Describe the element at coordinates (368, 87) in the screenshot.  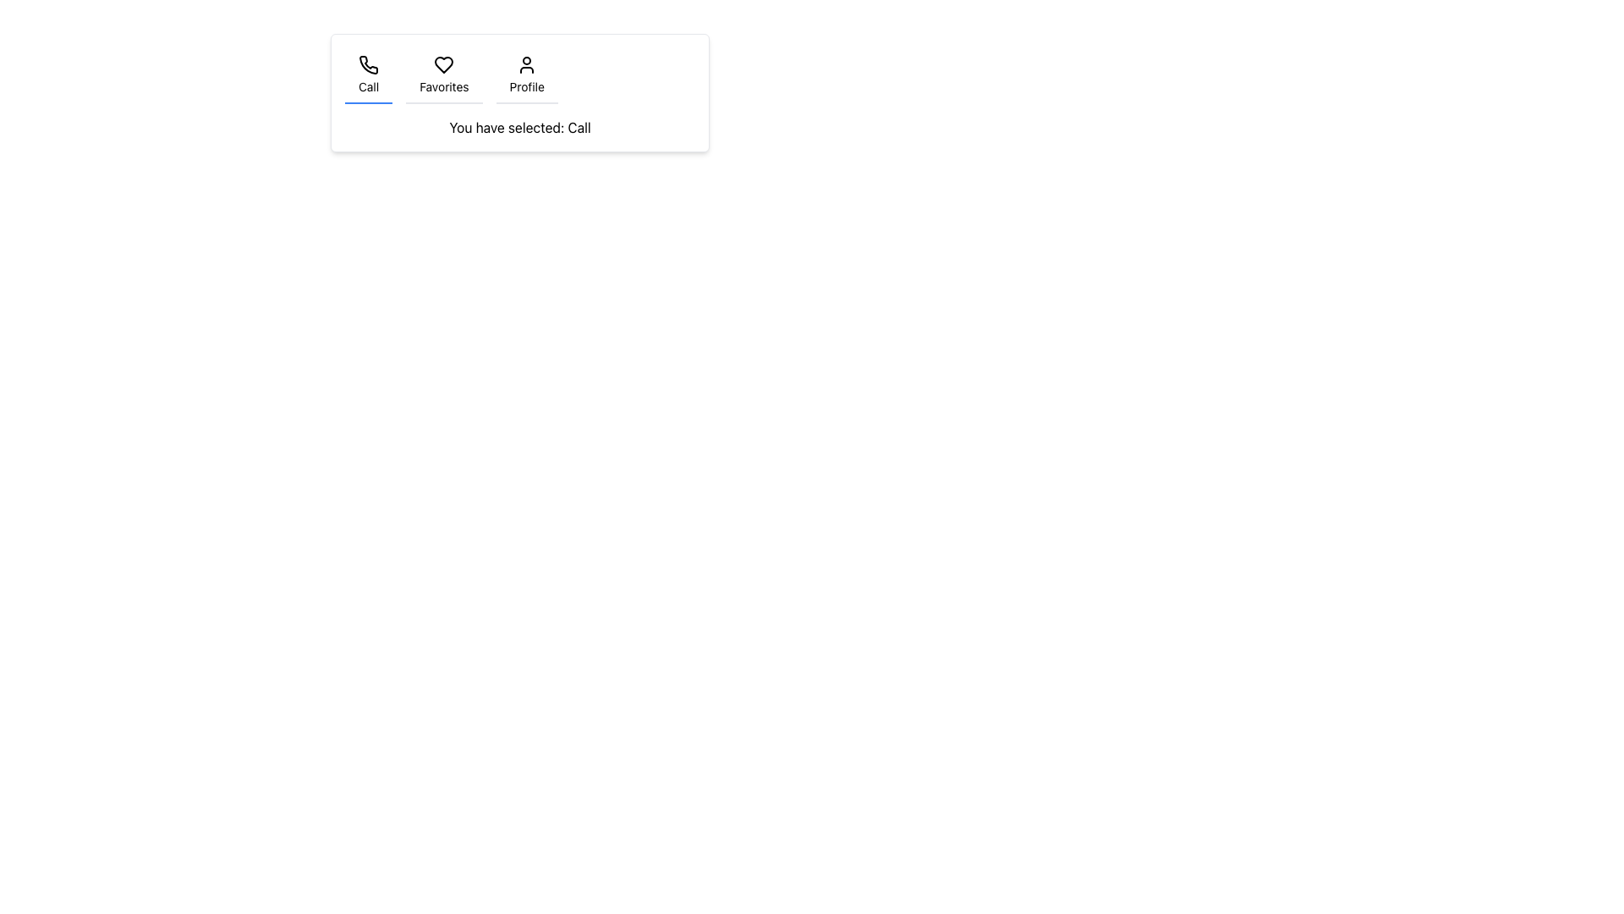
I see `'Call' text label located below the phone icon in the 'Call' tab of the navigation bar to understand its purpose` at that location.